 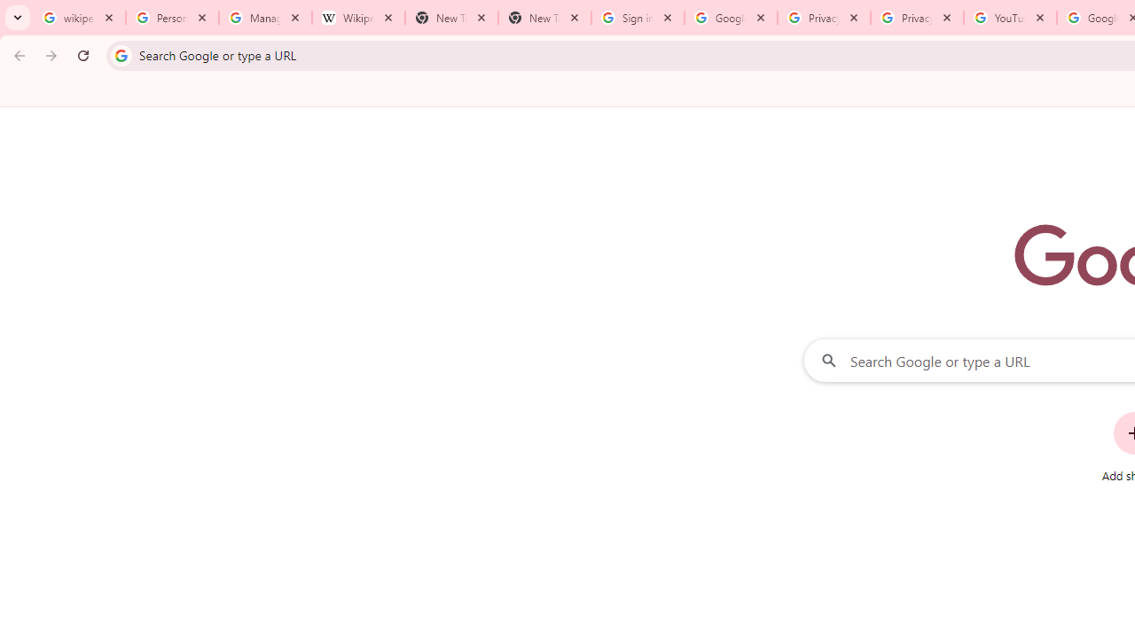 I want to click on 'Personalization & Google Search results - Google Search Help', so click(x=172, y=18).